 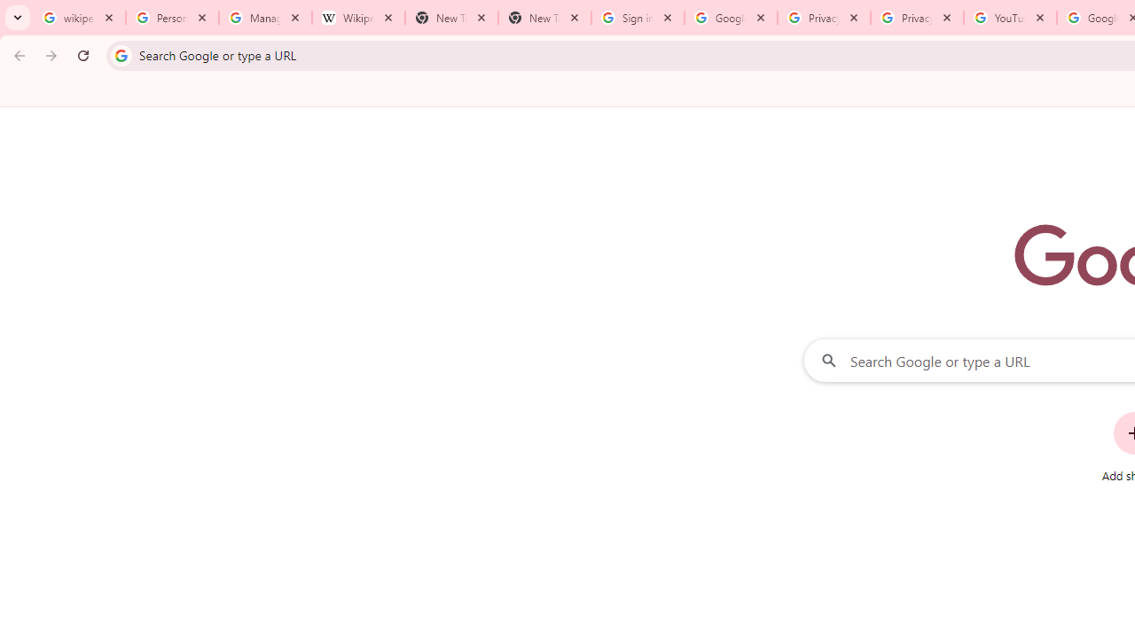 I want to click on 'Personalization & Google Search results - Google Search Help', so click(x=172, y=18).